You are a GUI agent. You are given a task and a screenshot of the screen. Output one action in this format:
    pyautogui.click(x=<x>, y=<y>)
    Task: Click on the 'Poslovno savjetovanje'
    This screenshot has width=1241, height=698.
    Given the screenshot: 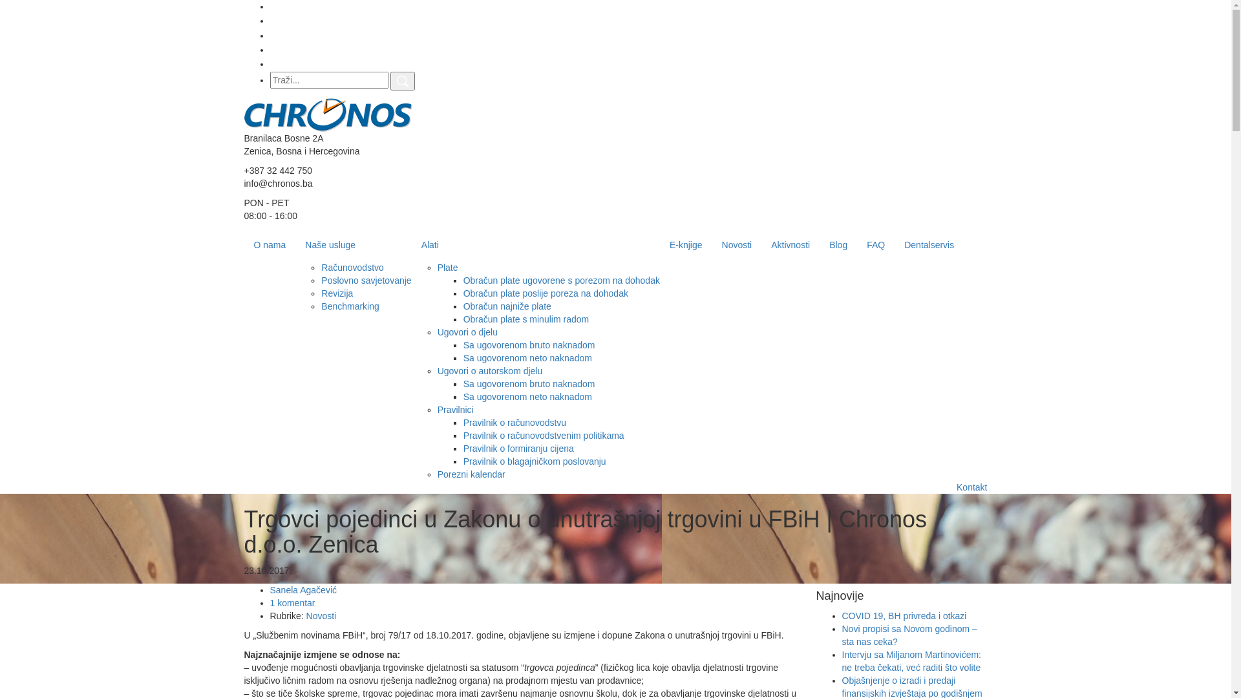 What is the action you would take?
    pyautogui.click(x=365, y=280)
    